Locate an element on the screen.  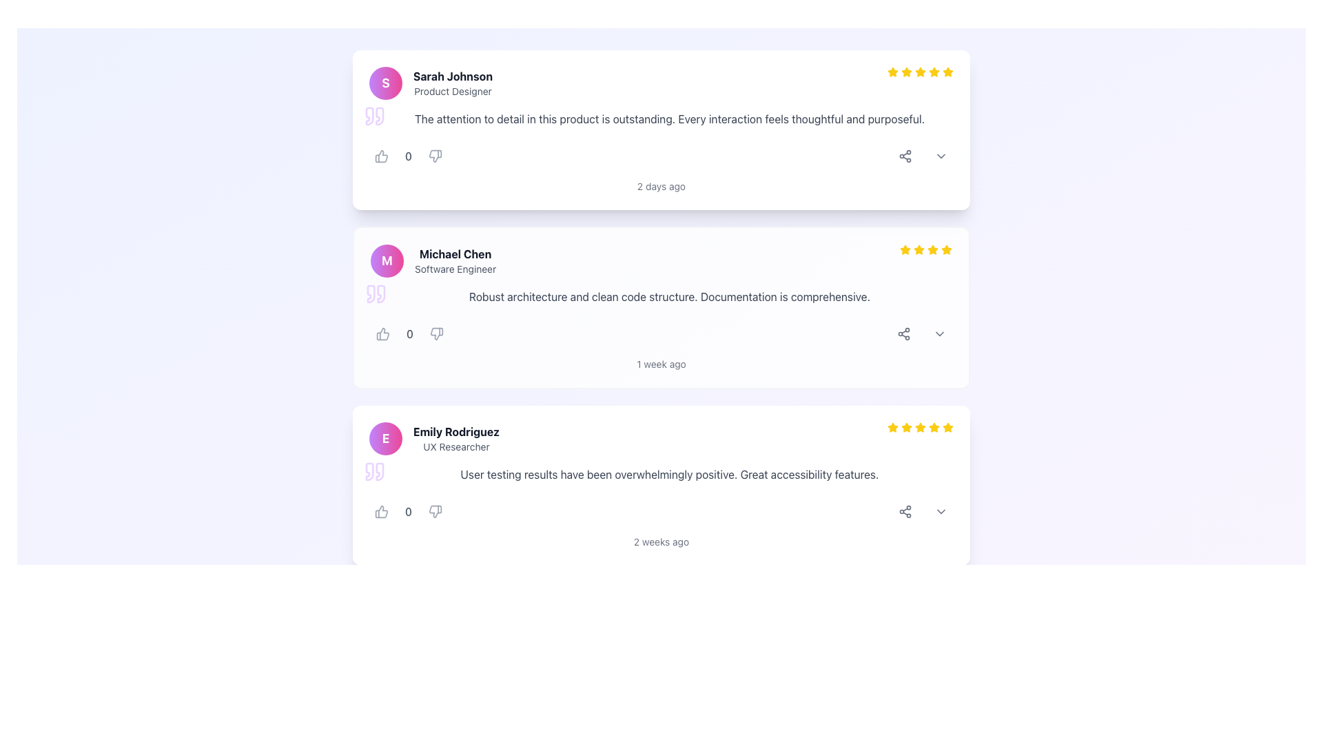
the first yellow star icon in the five-star rating component is located at coordinates (893, 72).